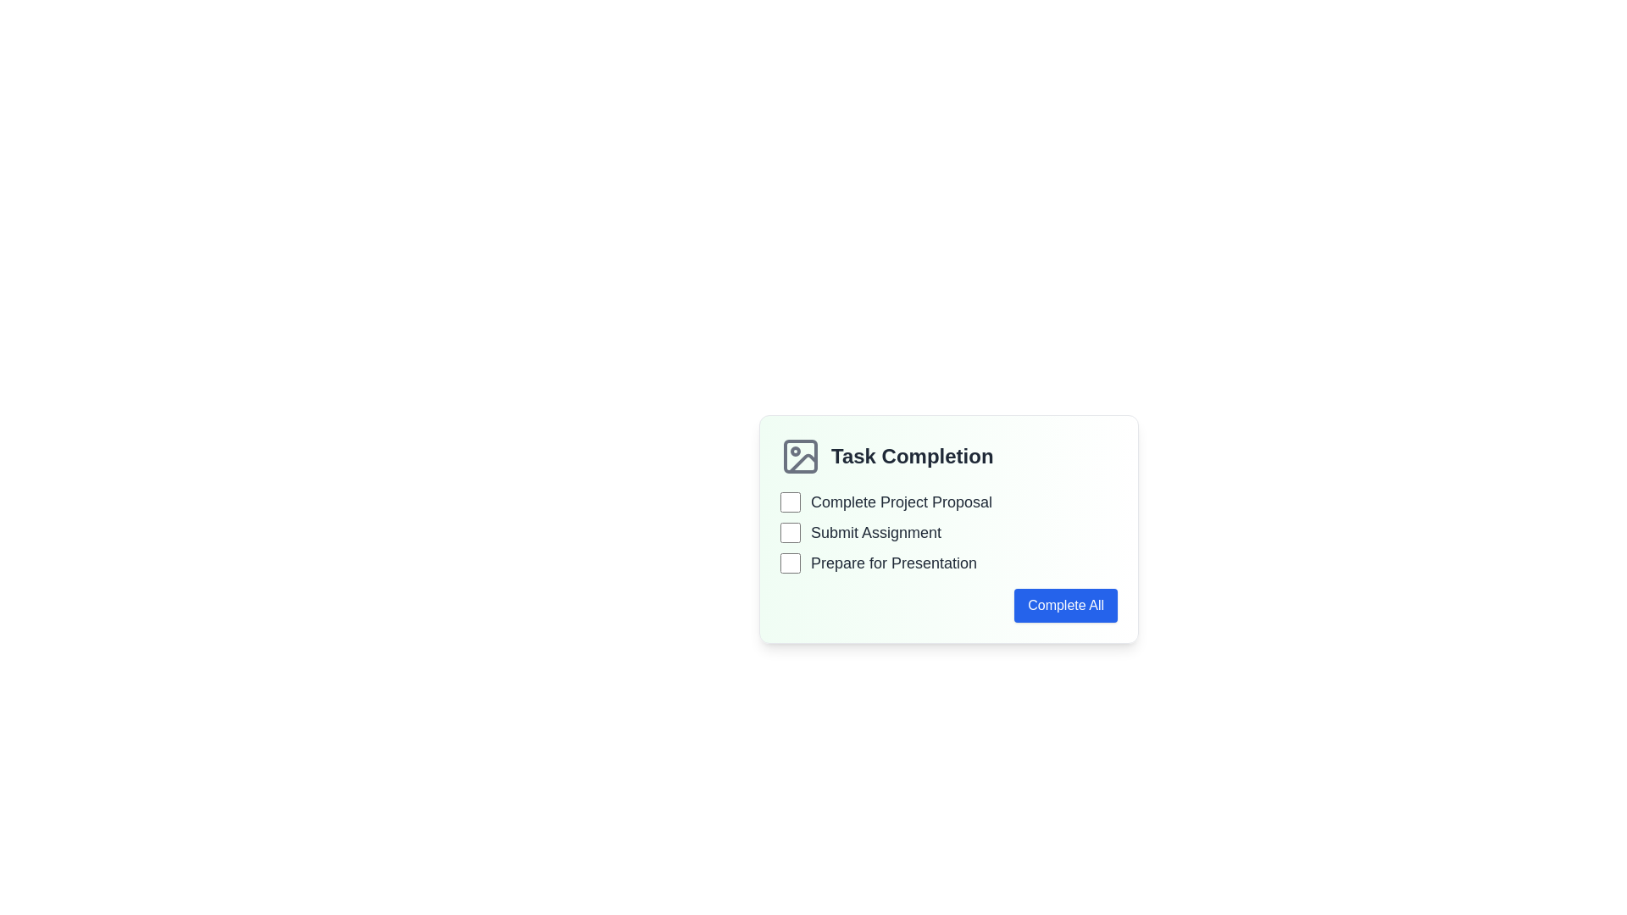 The width and height of the screenshot is (1627, 915). What do you see at coordinates (947, 456) in the screenshot?
I see `the Text Label with Icon that reads 'Task Completion'` at bounding box center [947, 456].